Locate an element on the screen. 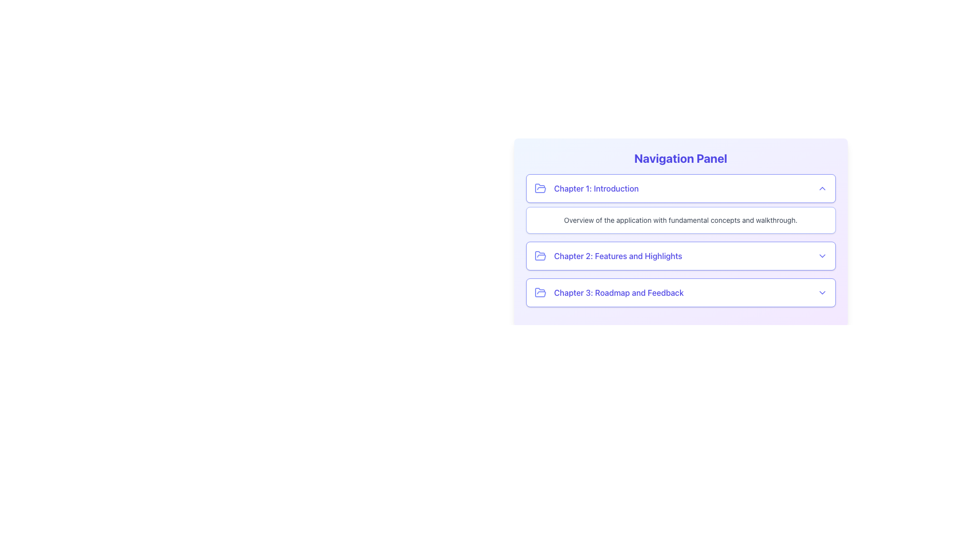 This screenshot has height=536, width=953. the title text label styled in bold and large font, colored indigo, which reads 'Navigation Panel' and is centered at the top of the chapter navigation section is located at coordinates (680, 158).